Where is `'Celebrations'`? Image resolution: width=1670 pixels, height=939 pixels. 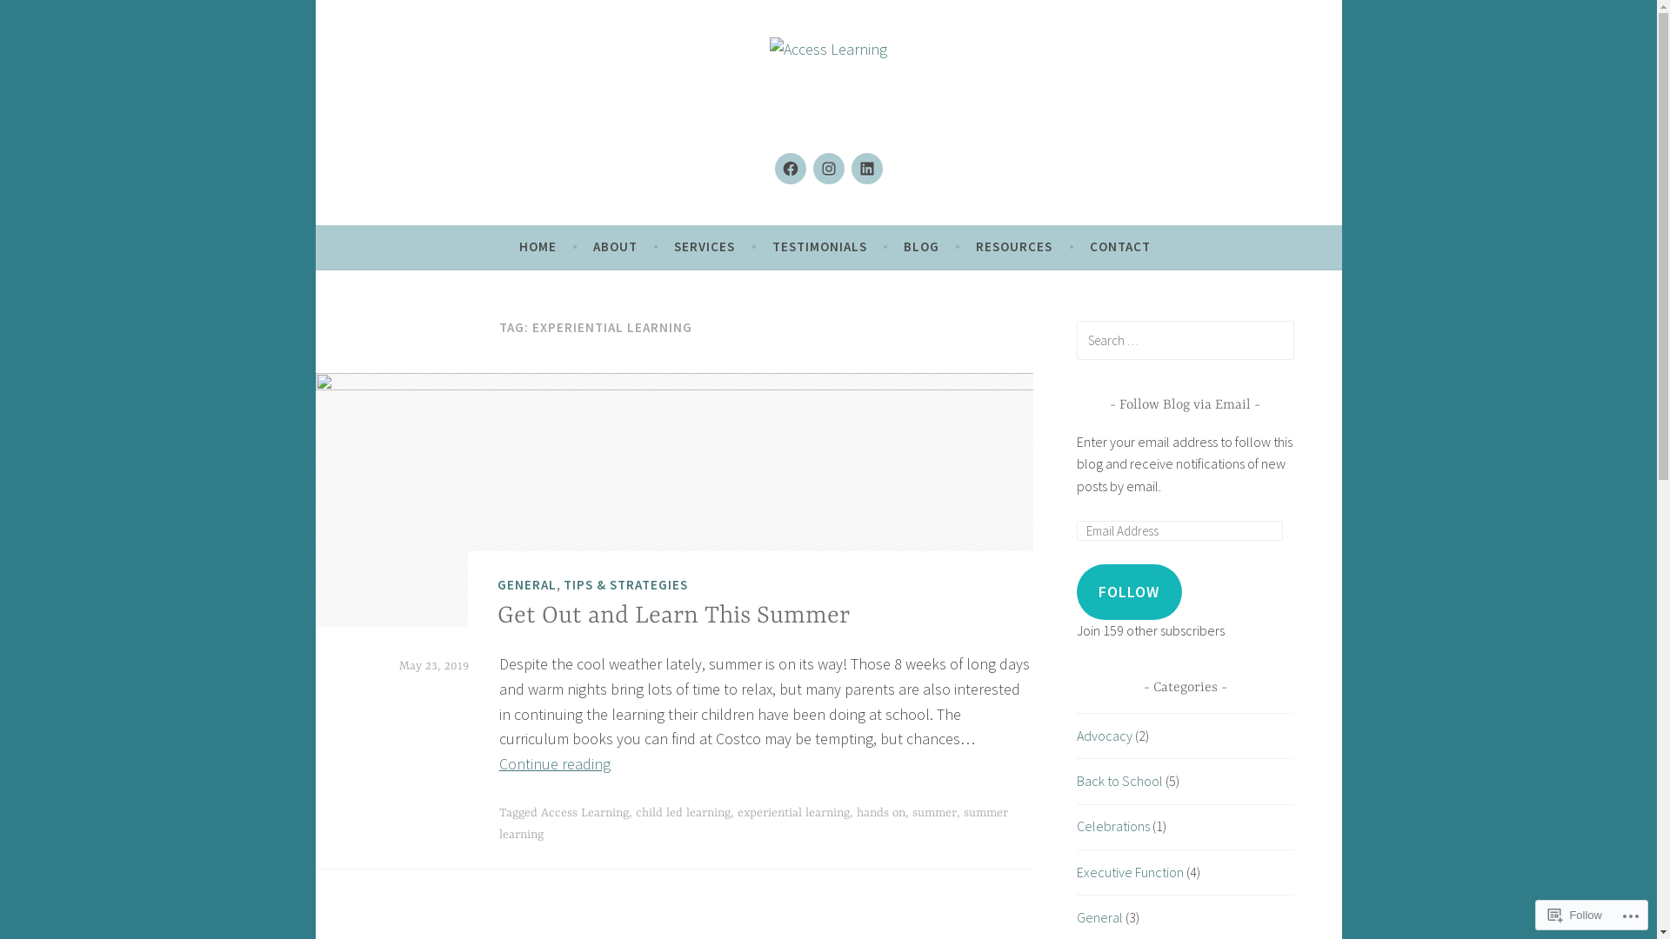
'Celebrations' is located at coordinates (1076, 824).